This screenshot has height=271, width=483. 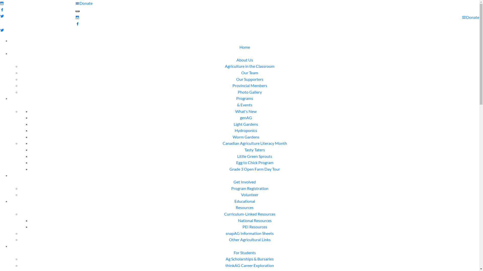 What do you see at coordinates (246, 117) in the screenshot?
I see `'genAG'` at bounding box center [246, 117].